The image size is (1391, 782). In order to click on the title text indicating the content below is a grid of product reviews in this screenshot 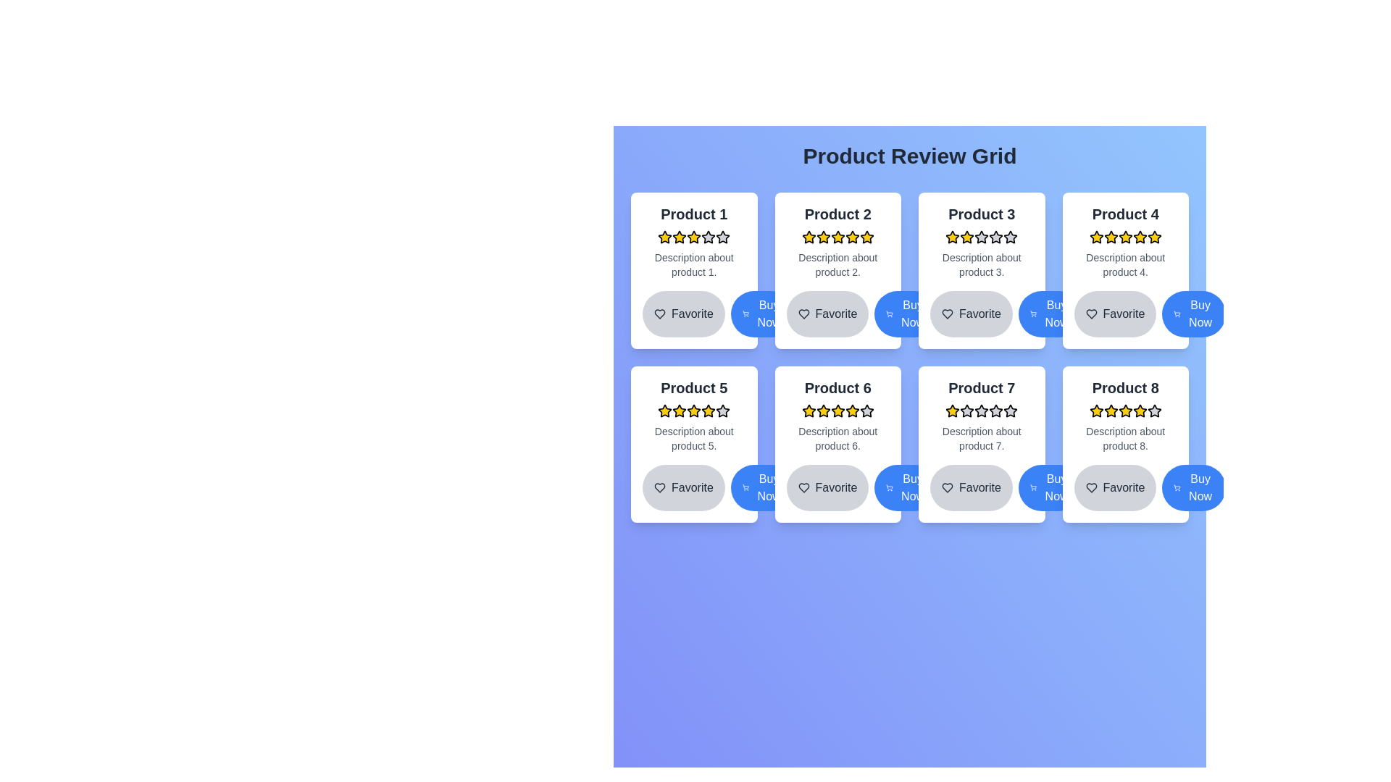, I will do `click(909, 156)`.